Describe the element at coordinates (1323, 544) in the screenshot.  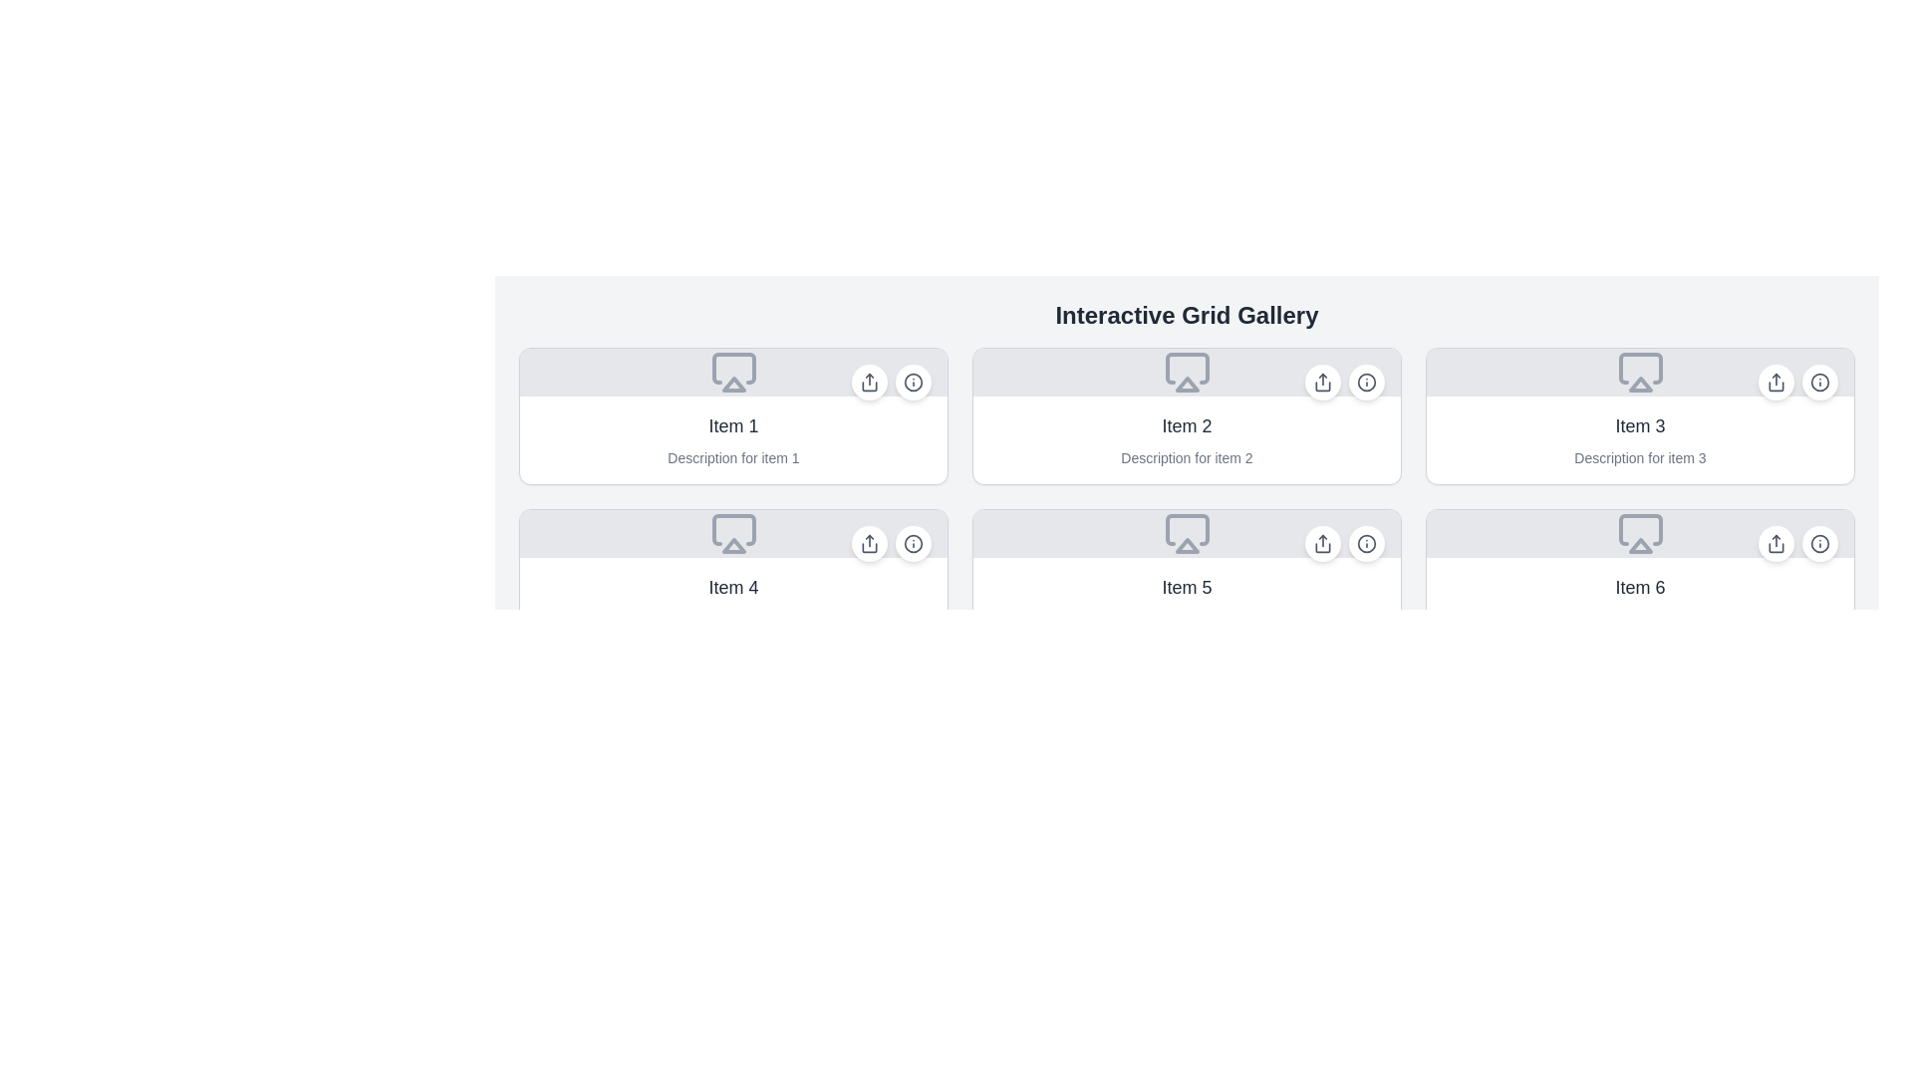
I see `the share button located in the upper-right corner of the card labeled 'Item 5' to share the associated content` at that location.